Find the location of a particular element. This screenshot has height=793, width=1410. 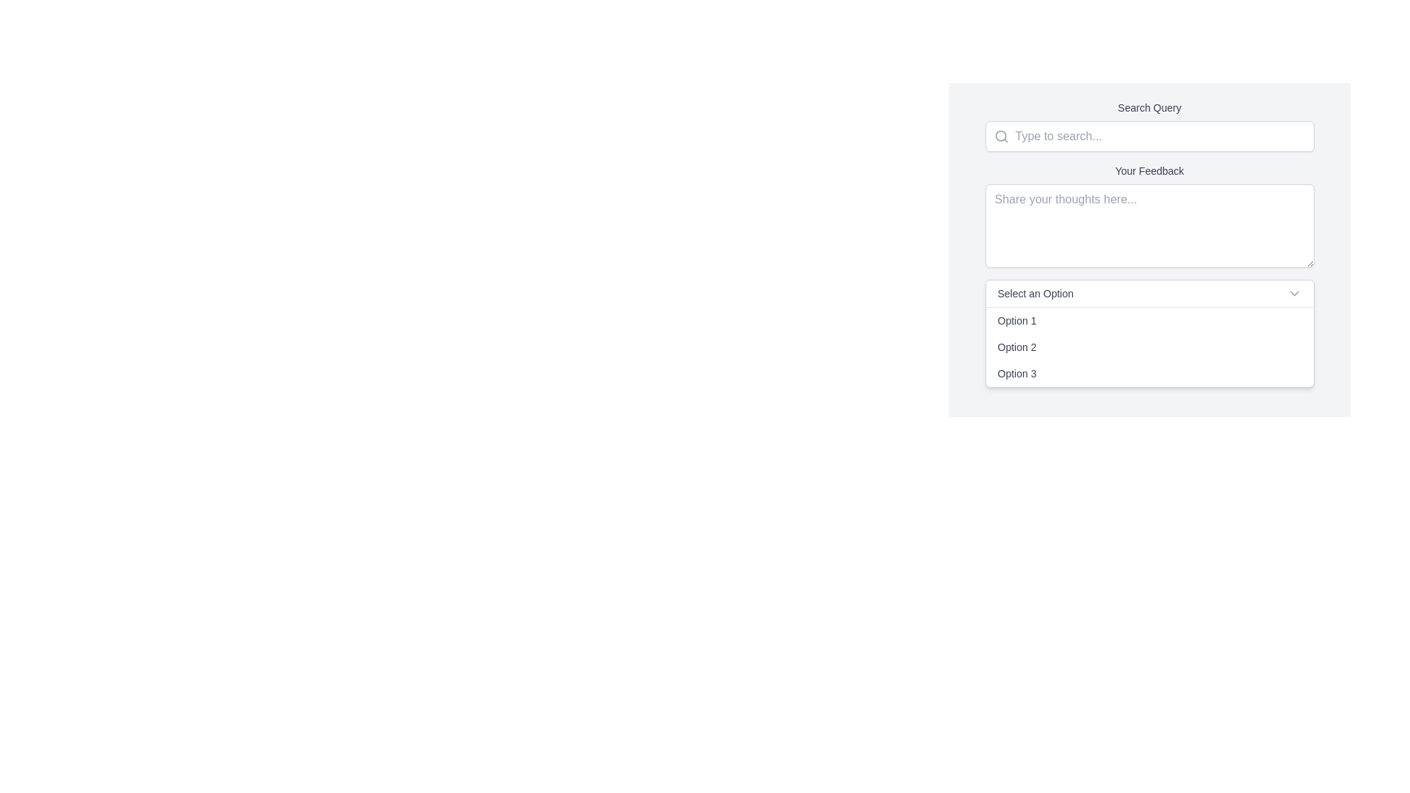

the first list item labeled 'Option 1' in the dropdown menu is located at coordinates (1149, 319).